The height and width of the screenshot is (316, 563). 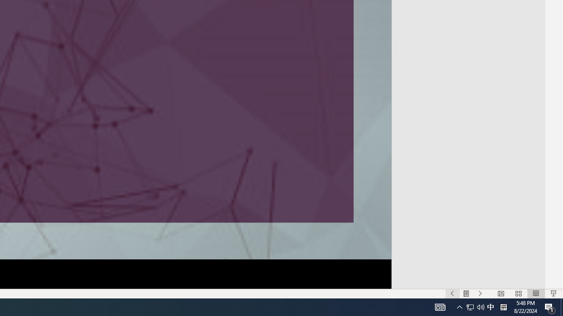 I want to click on 'Slide Show Next On', so click(x=480, y=294).